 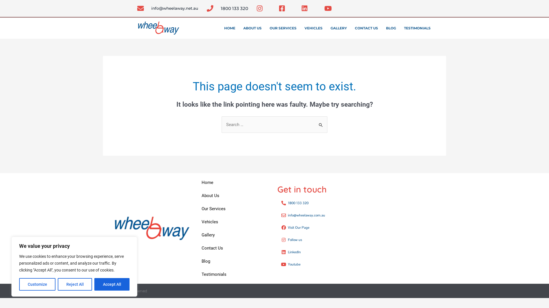 I want to click on 'Pinterest', so click(x=421, y=291).